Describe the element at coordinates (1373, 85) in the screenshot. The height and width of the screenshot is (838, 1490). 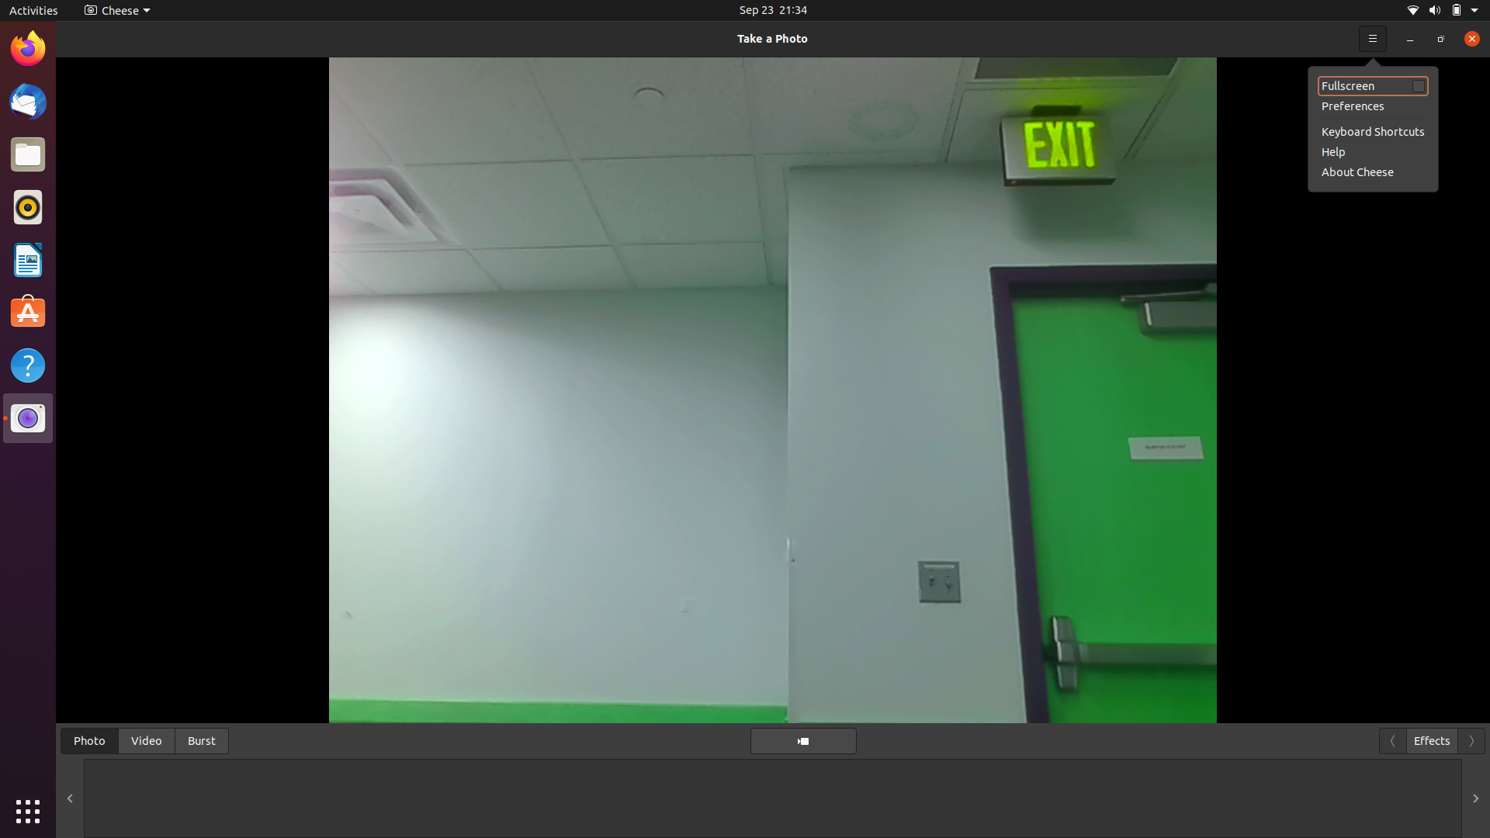
I see `fullscreen view` at that location.